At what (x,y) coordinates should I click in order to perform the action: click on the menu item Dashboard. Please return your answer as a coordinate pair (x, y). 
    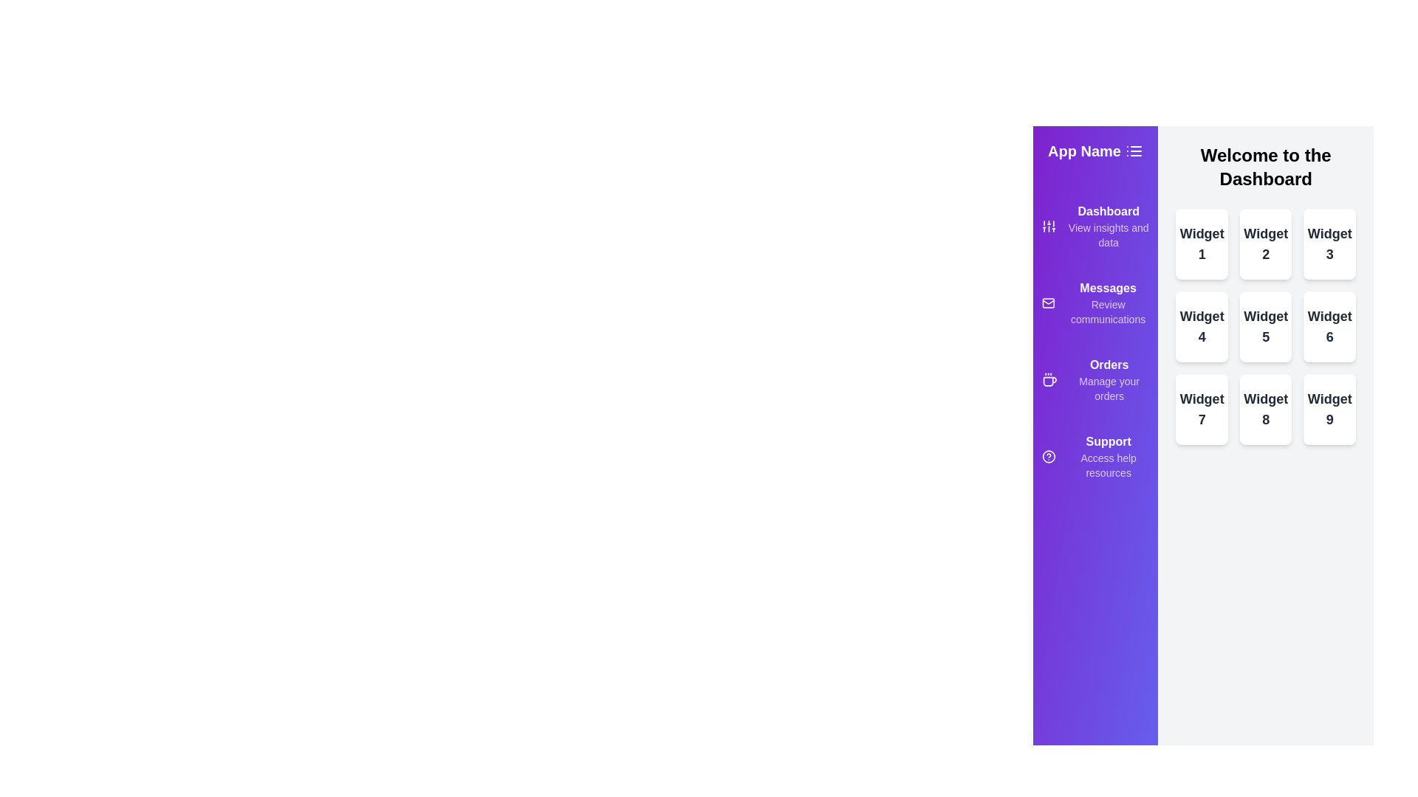
    Looking at the image, I should click on (1095, 227).